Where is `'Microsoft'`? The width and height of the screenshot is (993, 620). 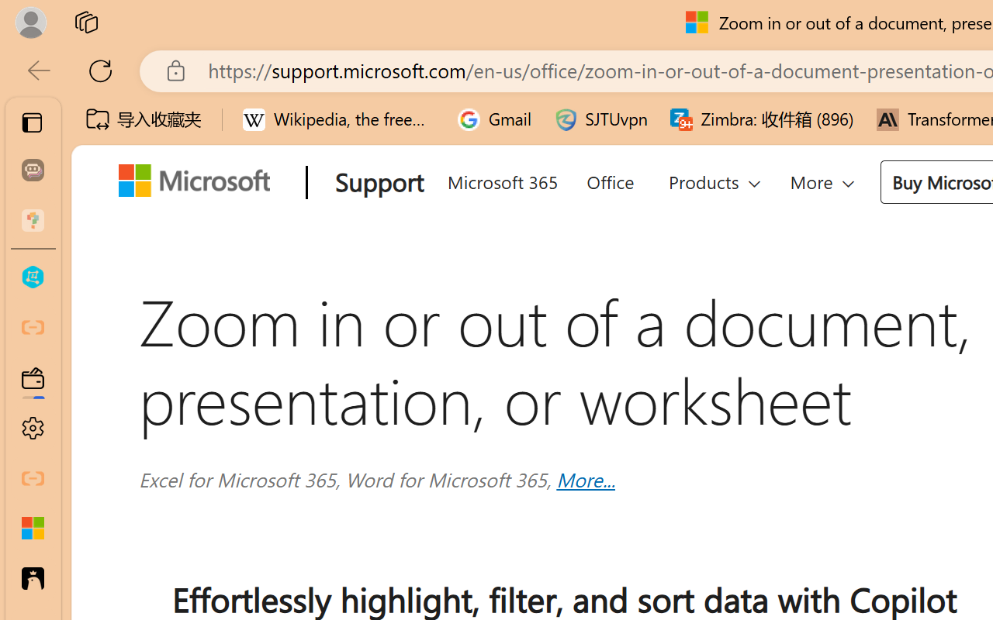
'Microsoft' is located at coordinates (199, 183).